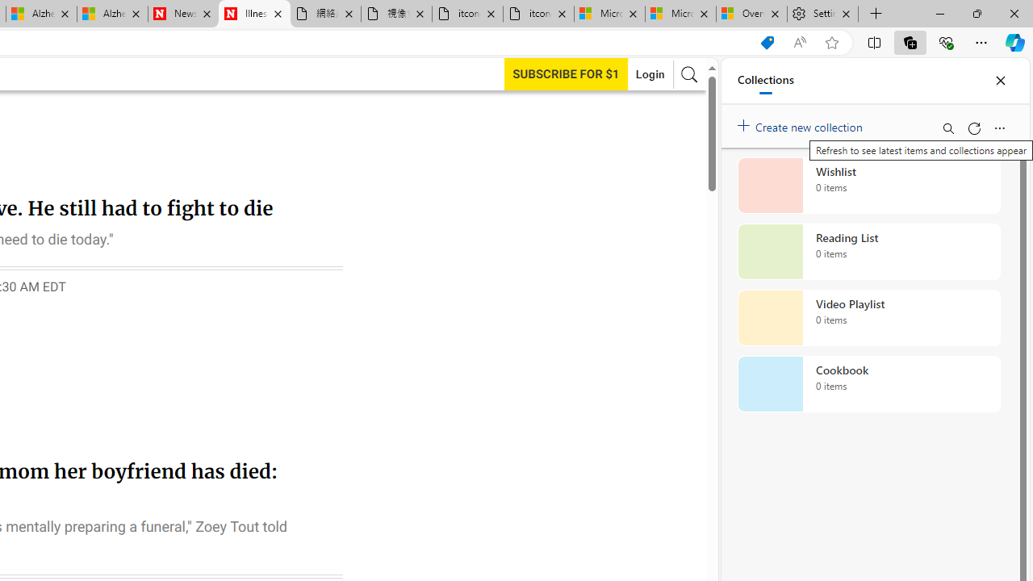 This screenshot has height=581, width=1033. Describe the element at coordinates (868, 318) in the screenshot. I see `'Video Playlist collection, 0 items'` at that location.